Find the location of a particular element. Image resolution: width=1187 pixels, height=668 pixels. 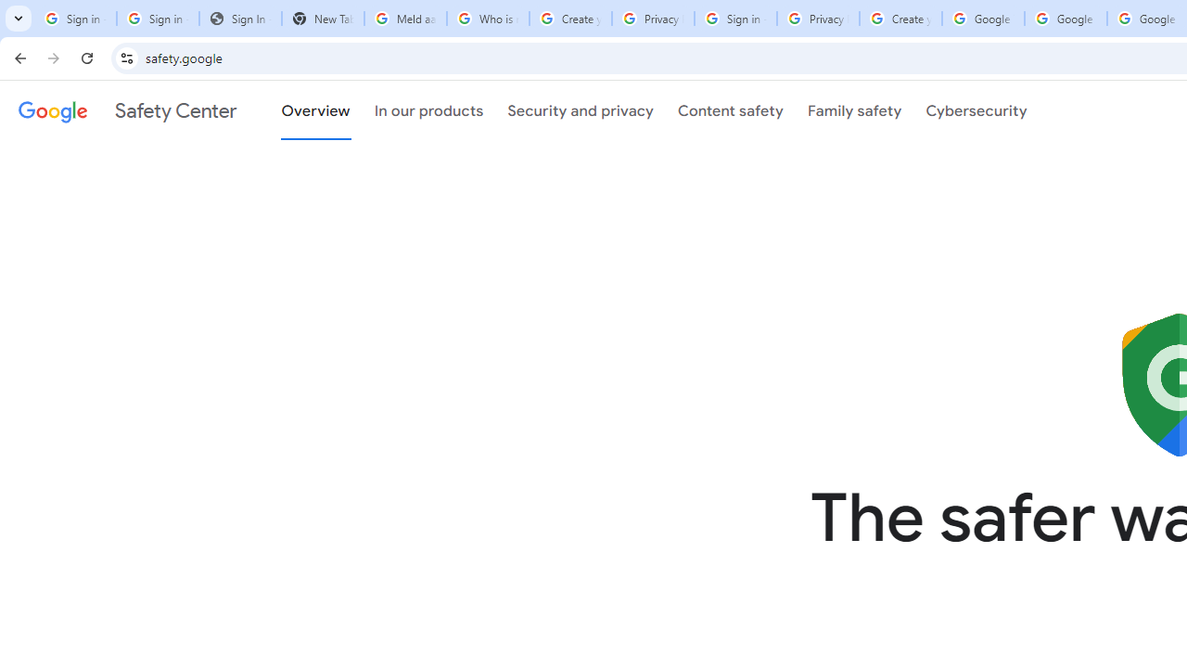

'Cybersecurity' is located at coordinates (976, 110).